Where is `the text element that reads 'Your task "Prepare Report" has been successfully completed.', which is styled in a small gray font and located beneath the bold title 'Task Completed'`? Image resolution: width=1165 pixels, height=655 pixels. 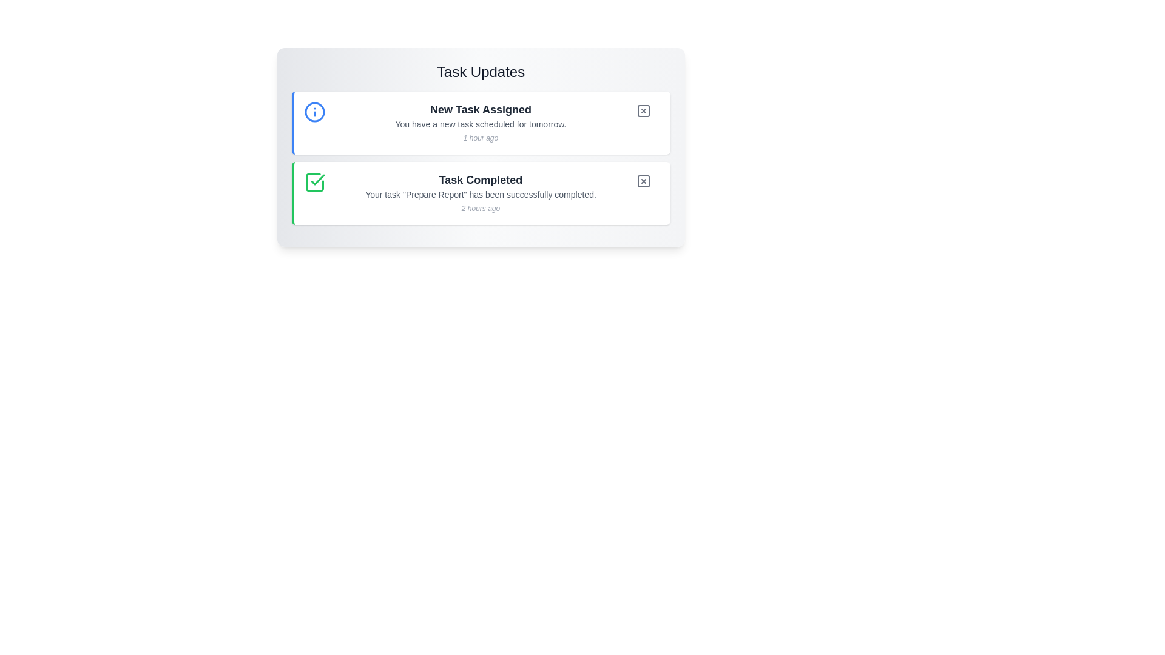
the text element that reads 'Your task "Prepare Report" has been successfully completed.', which is styled in a small gray font and located beneath the bold title 'Task Completed' is located at coordinates (480, 193).